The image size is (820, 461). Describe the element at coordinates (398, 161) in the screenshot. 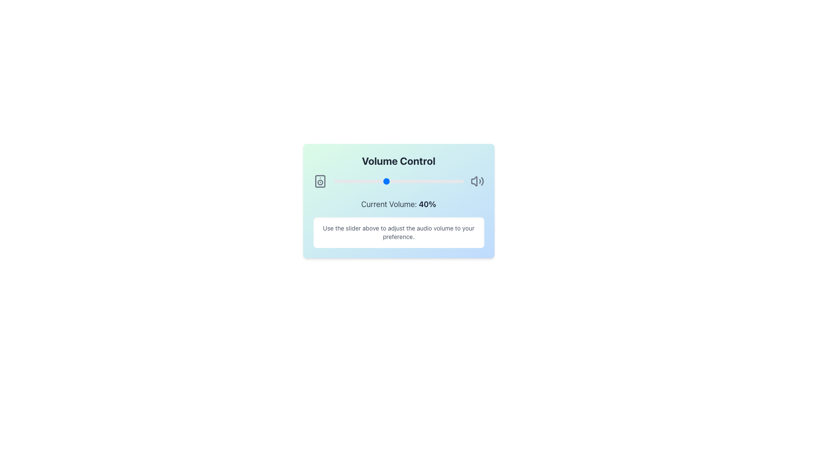

I see `the 'Volume Control' heading text, which is bold and large, centrally aligned at the top of the section in the application interface` at that location.